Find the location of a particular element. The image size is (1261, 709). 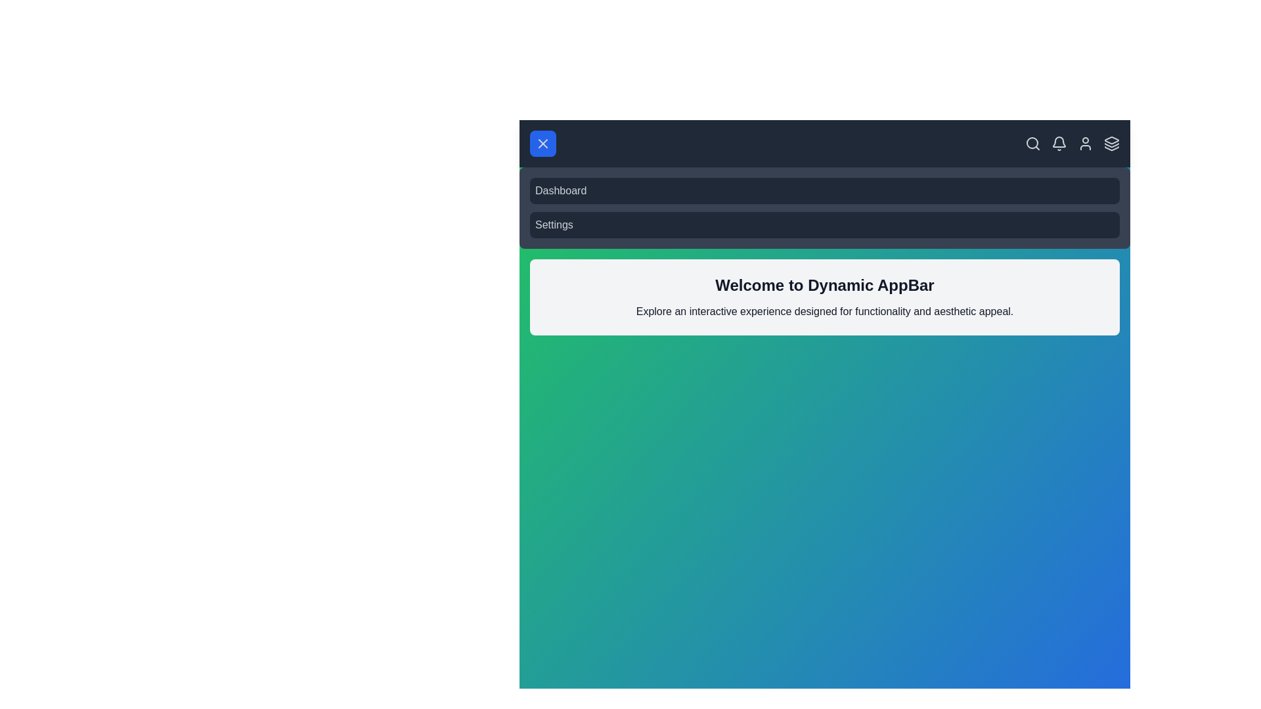

the user profile icon is located at coordinates (1085, 144).